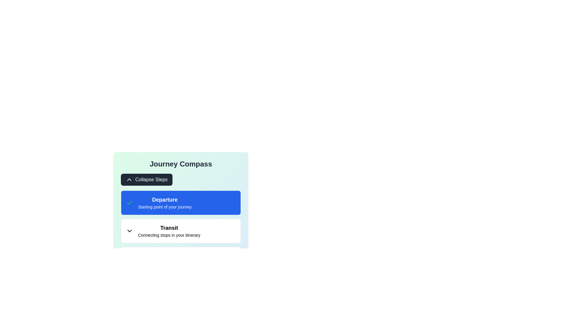  I want to click on the expansion/collapse icon located to the left of the 'Transit' text within the white card section, so click(129, 231).